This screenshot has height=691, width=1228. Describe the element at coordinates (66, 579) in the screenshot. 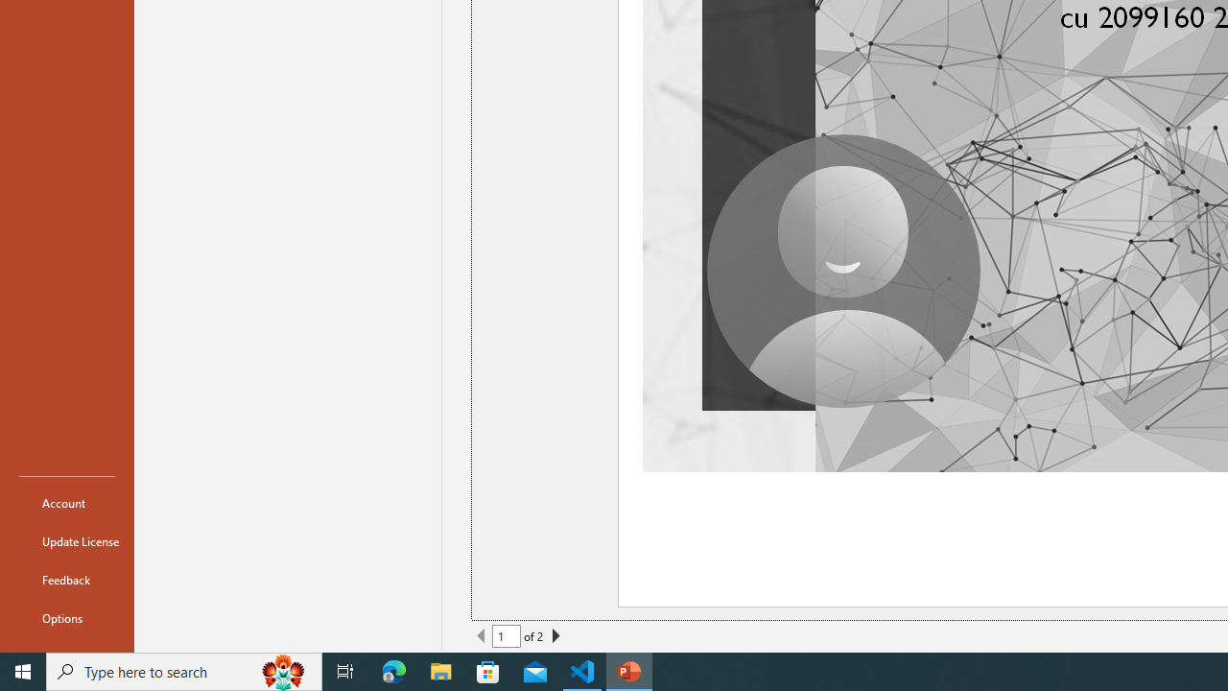

I see `'Feedback'` at that location.